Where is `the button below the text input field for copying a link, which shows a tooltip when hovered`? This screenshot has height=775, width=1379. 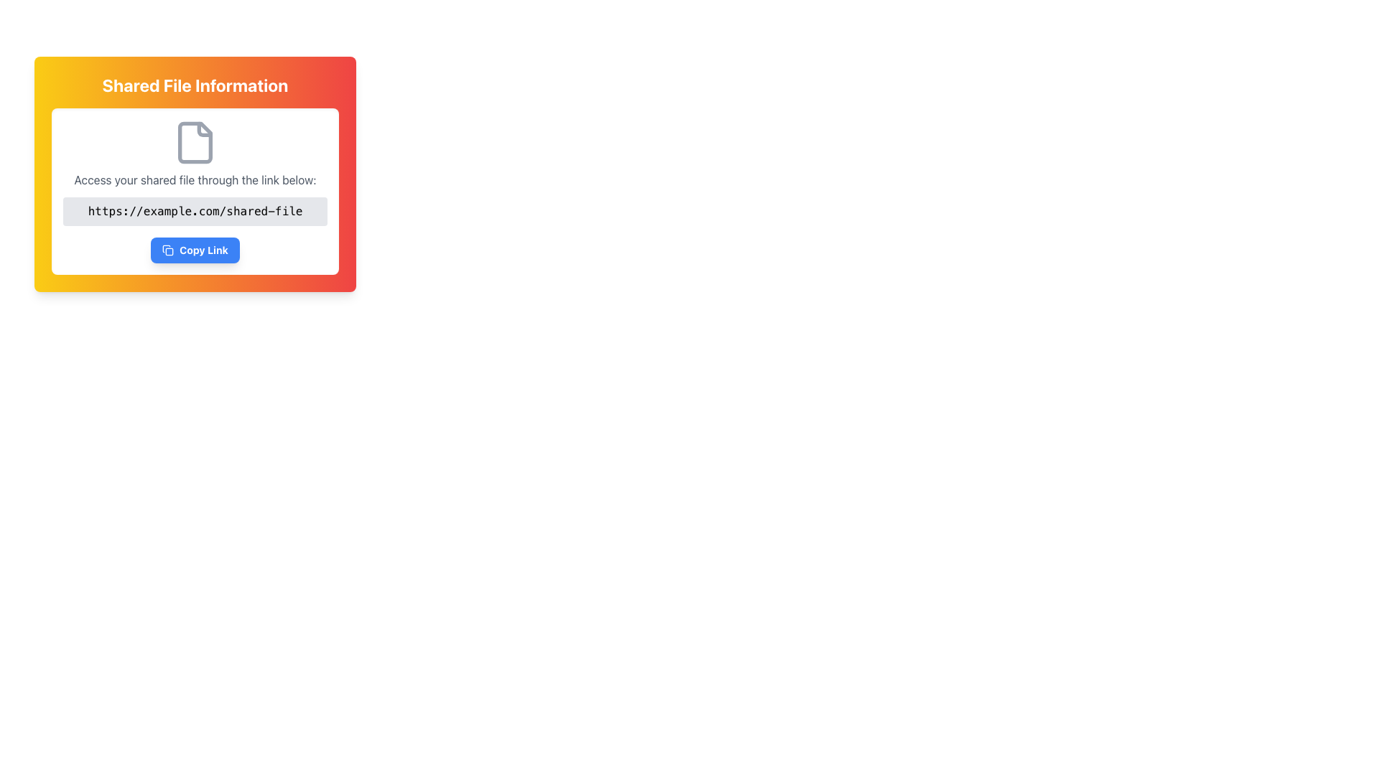
the button below the text input field for copying a link, which shows a tooltip when hovered is located at coordinates (195, 249).